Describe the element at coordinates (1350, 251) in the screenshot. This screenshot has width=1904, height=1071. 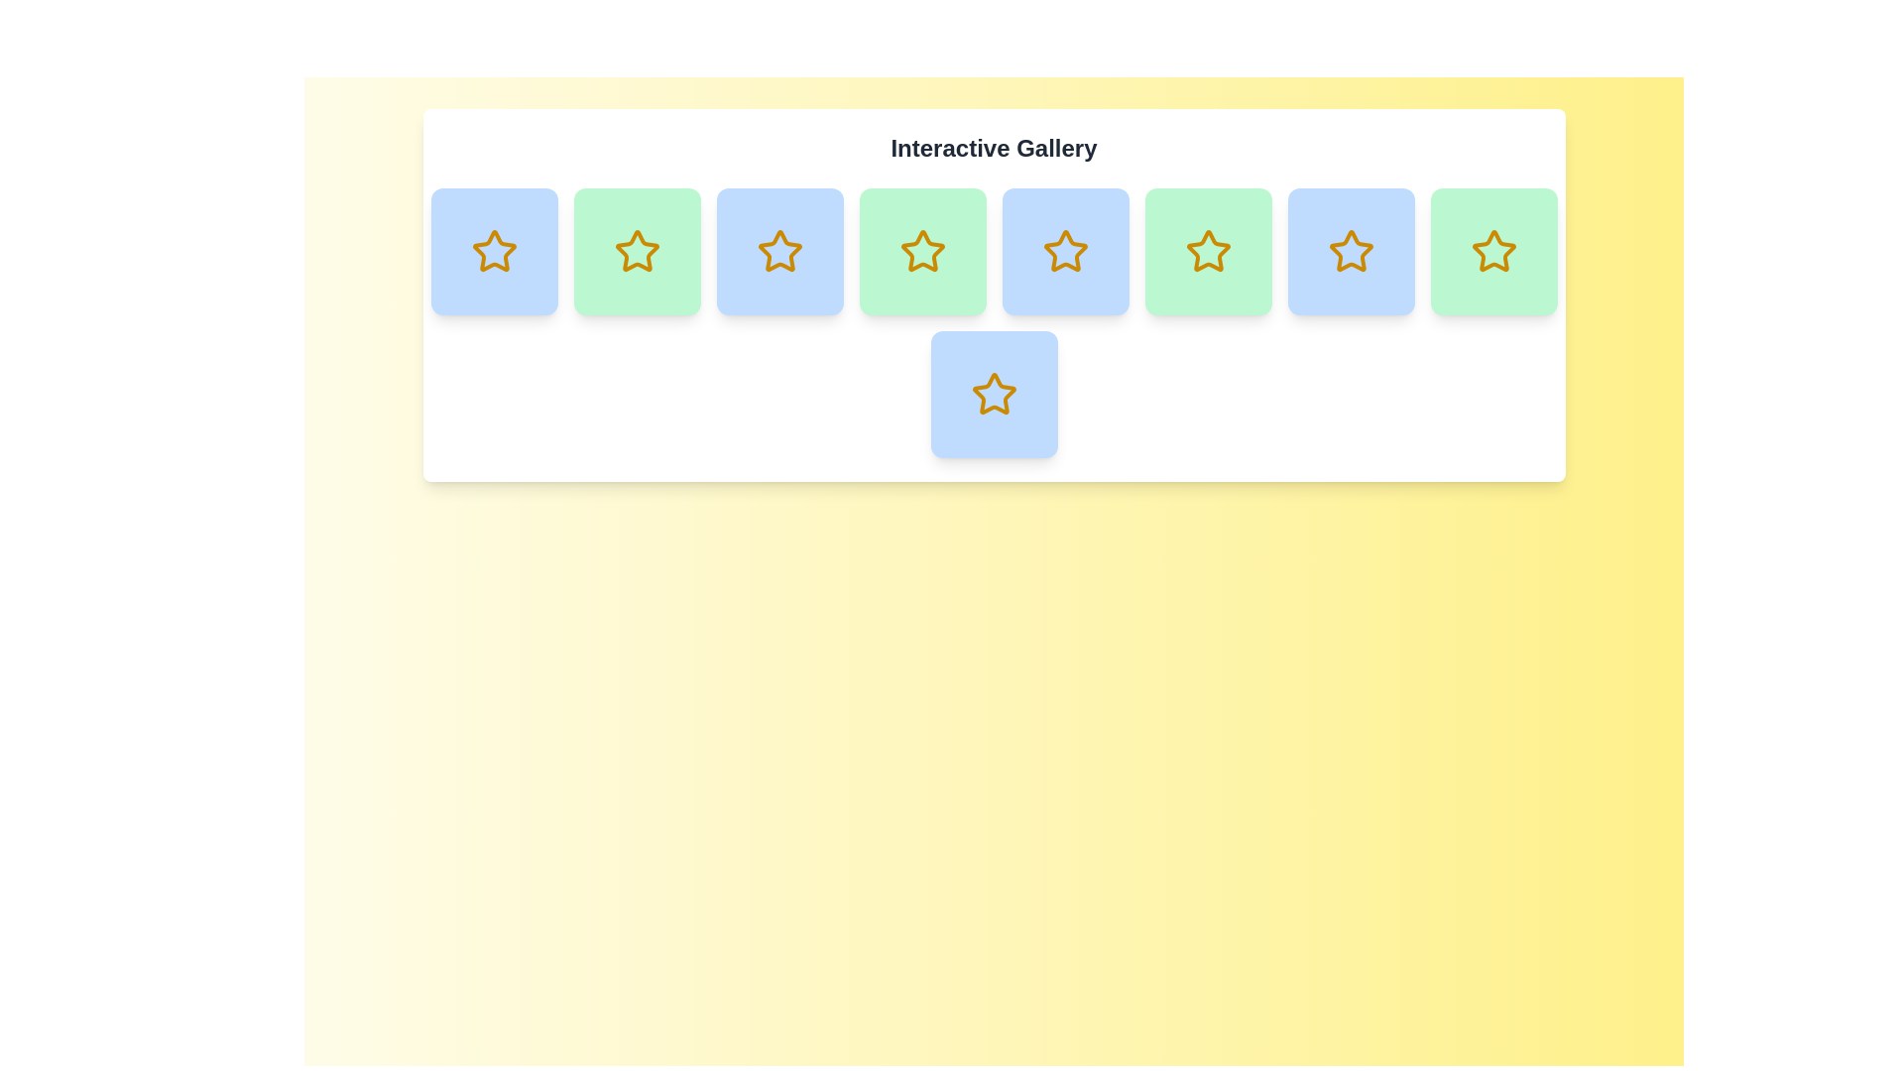
I see `the star icon with a yellow outline, which is located in the fifth position among horizontally aligned blue and green squares, to trigger hover effects` at that location.